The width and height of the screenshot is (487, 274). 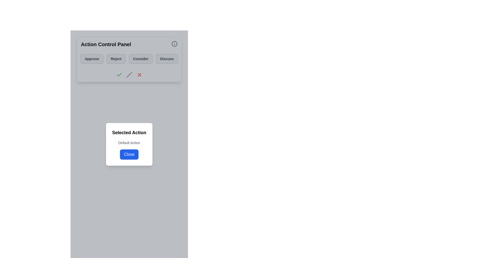 I want to click on the 'Consider' button located in the 'Action Control Panel', which is the third button from the left, situated between the 'Reject' and 'Discuss' buttons, to observe hover effects, so click(x=141, y=58).